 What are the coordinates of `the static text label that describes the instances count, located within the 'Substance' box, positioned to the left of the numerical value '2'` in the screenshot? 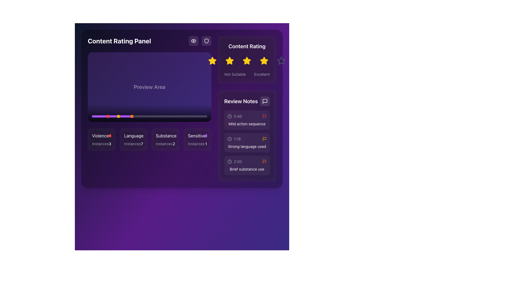 It's located at (164, 143).